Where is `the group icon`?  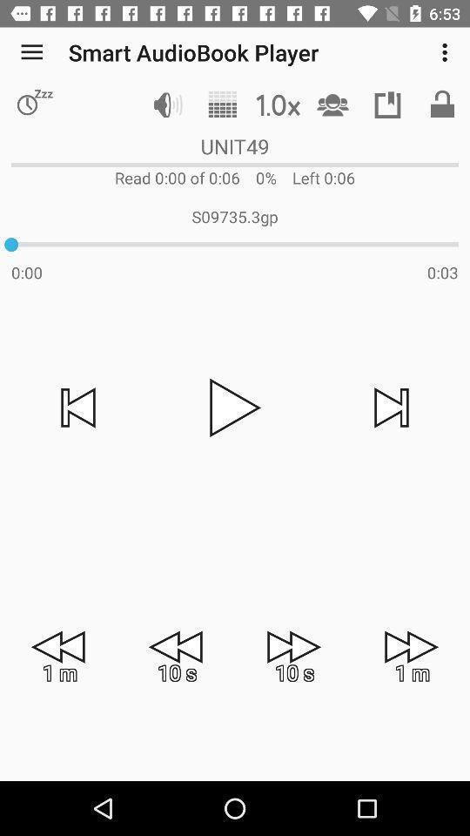 the group icon is located at coordinates (332, 104).